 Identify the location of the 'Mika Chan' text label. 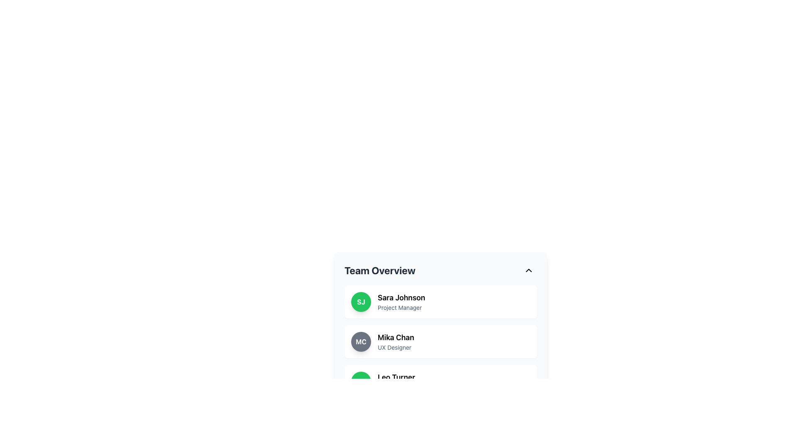
(454, 337).